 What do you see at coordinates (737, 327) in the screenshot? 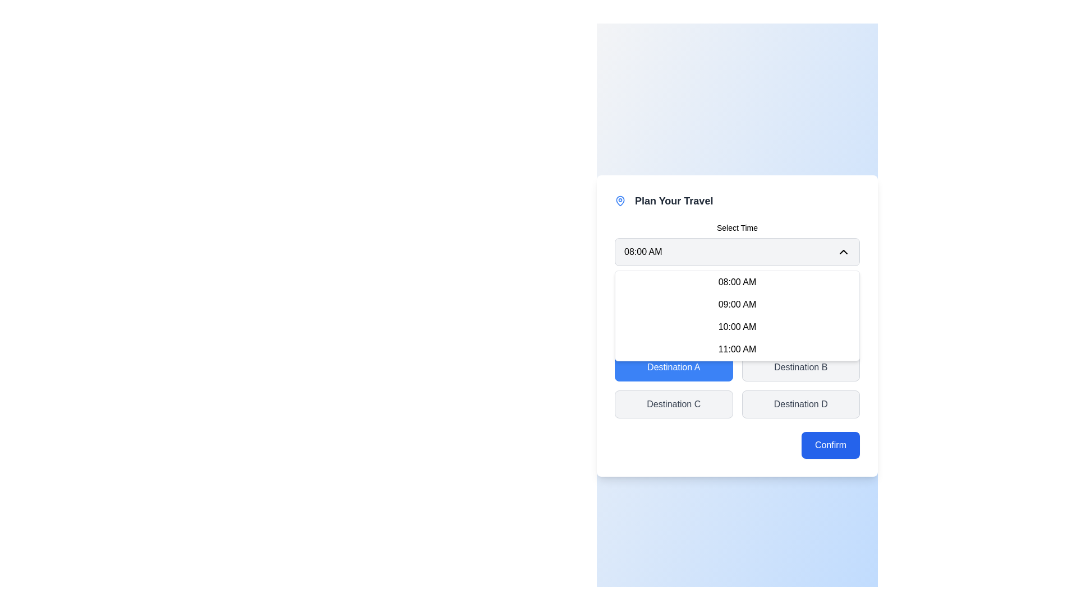
I see `the text entry '10:00 AM' which is the third item in the dropdown list of time slots` at bounding box center [737, 327].